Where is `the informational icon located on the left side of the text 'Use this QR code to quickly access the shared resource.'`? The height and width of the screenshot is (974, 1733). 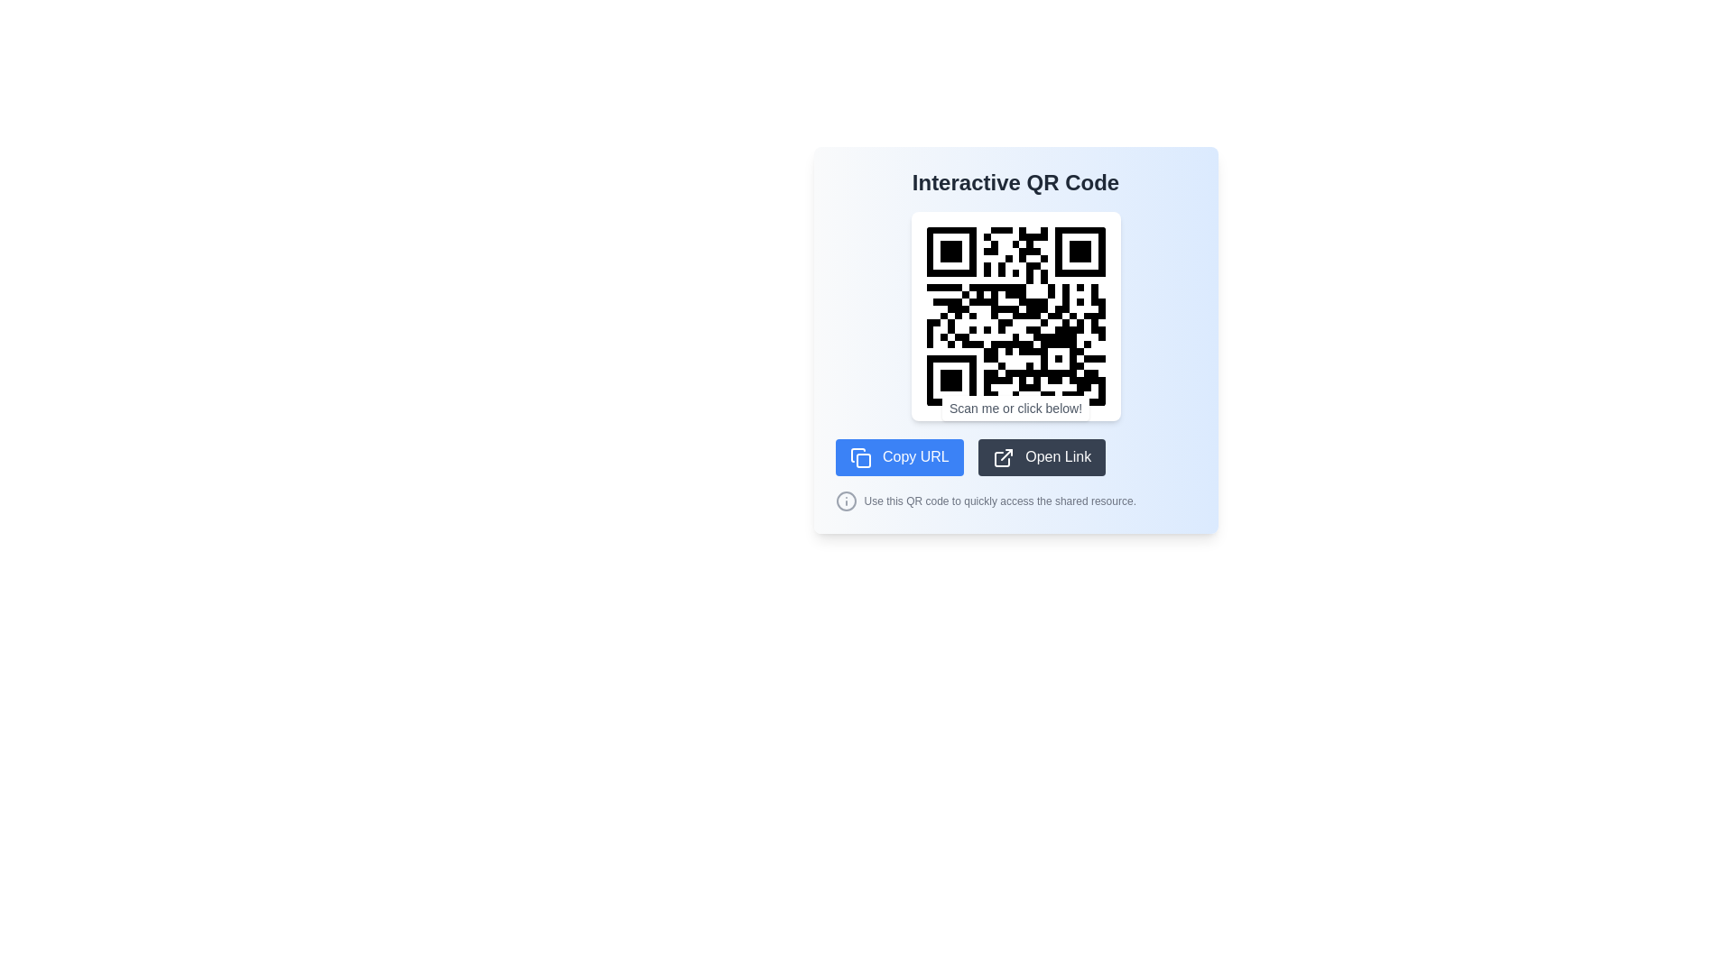 the informational icon located on the left side of the text 'Use this QR code to quickly access the shared resource.' is located at coordinates (845, 501).